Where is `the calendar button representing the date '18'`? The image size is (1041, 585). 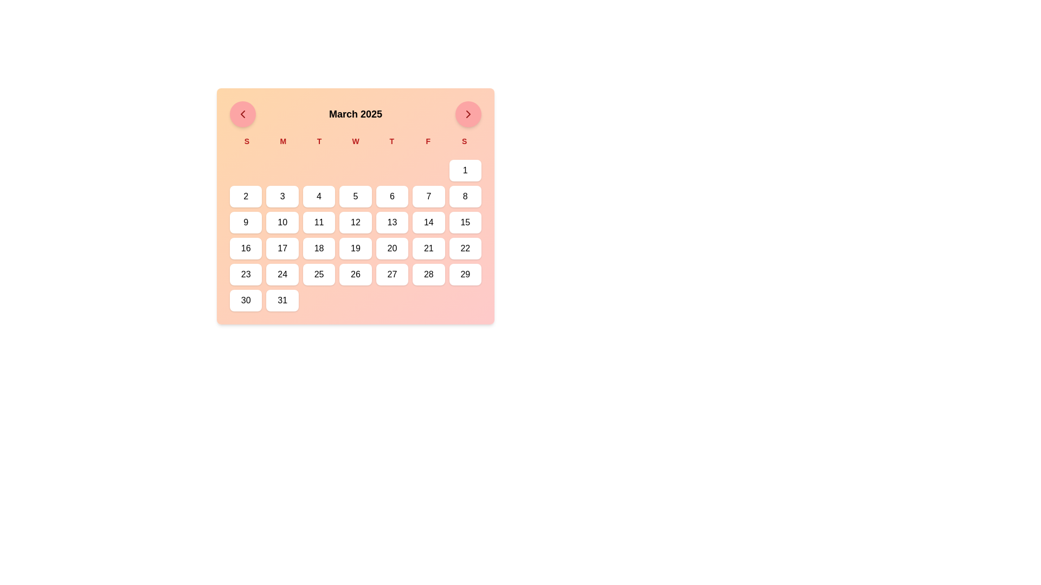
the calendar button representing the date '18' is located at coordinates (318, 249).